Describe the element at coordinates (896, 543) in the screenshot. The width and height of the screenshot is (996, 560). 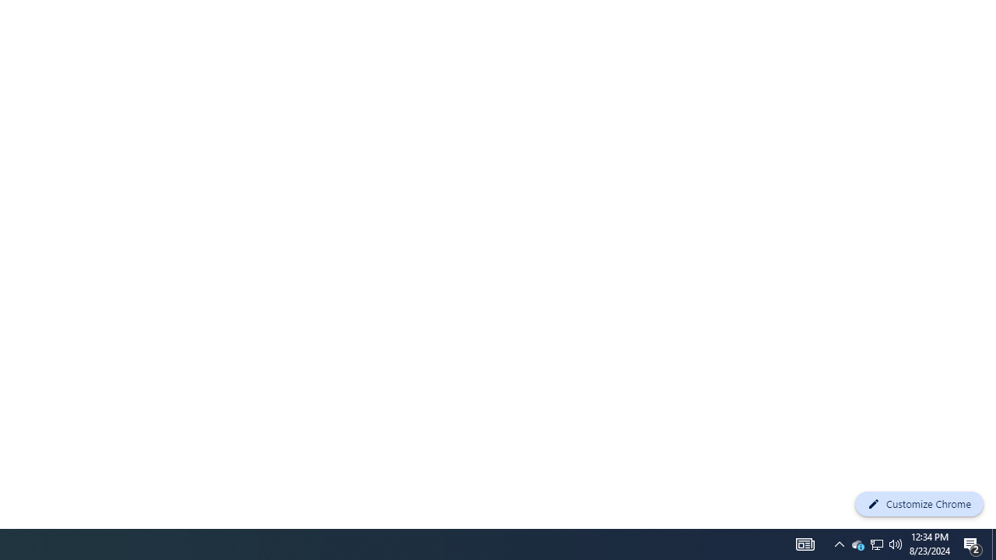
I see `'Q2790: 100%'` at that location.